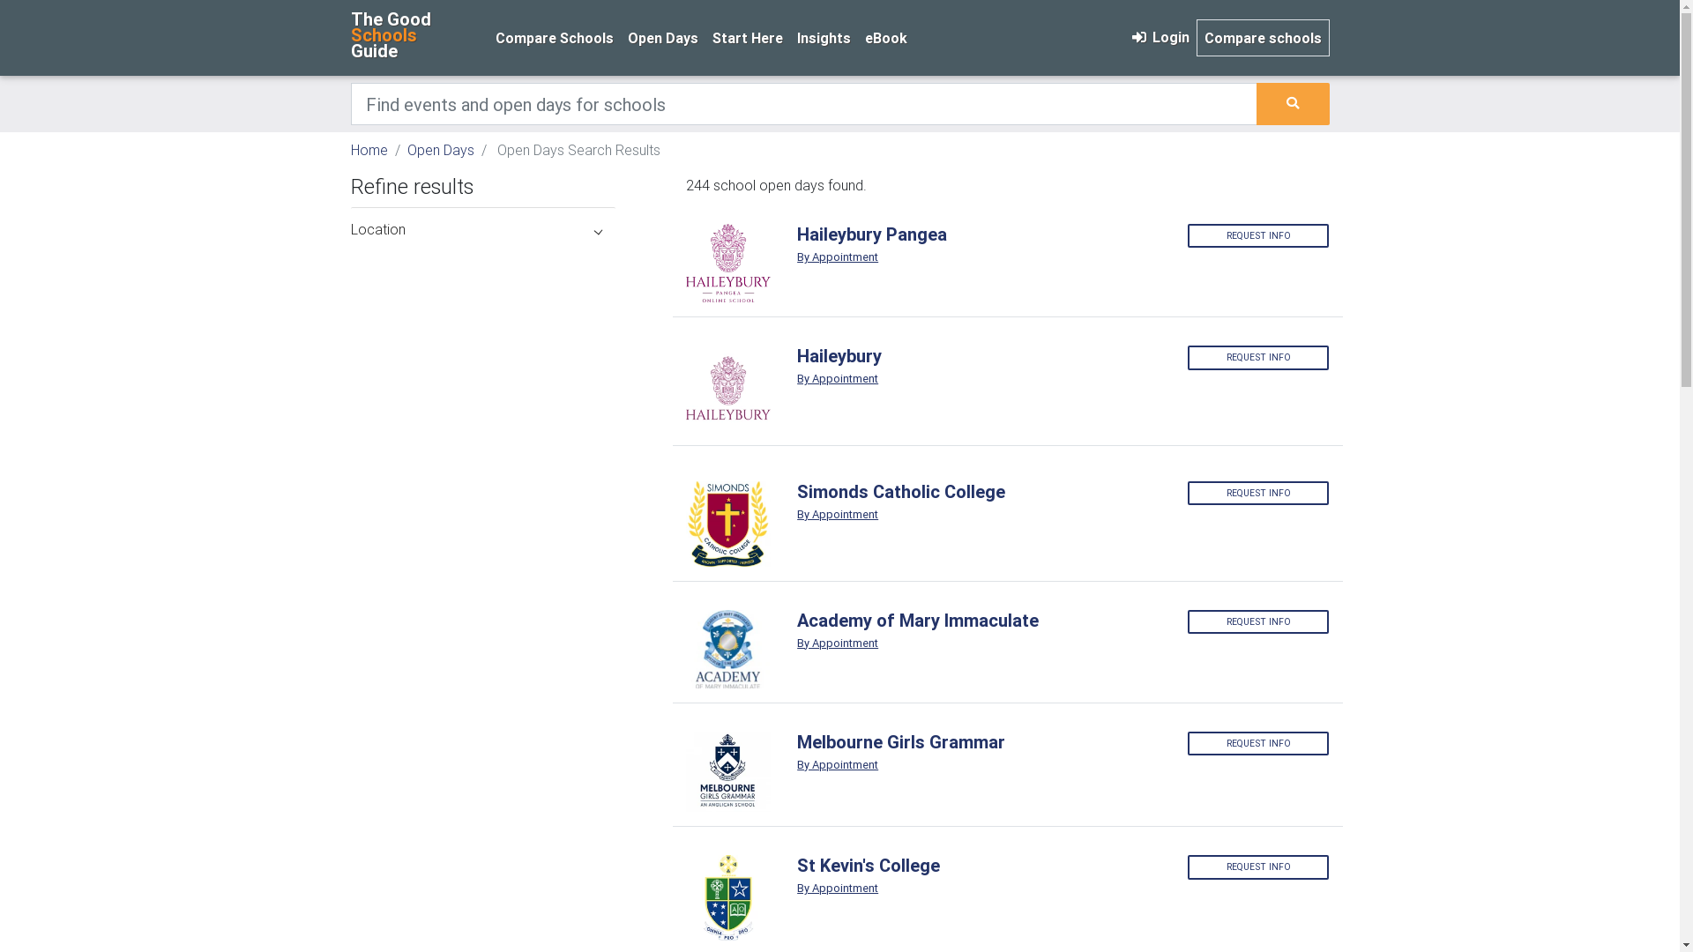  What do you see at coordinates (1257, 866) in the screenshot?
I see `'REQUEST INFO'` at bounding box center [1257, 866].